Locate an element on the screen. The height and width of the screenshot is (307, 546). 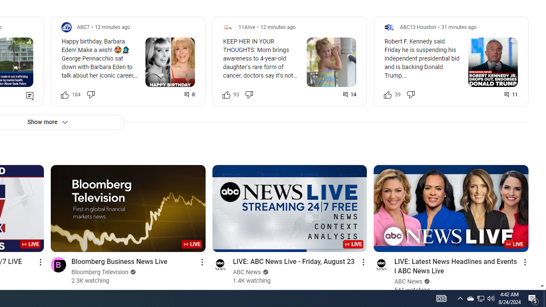
'31 minutes ago' is located at coordinates (458, 26).